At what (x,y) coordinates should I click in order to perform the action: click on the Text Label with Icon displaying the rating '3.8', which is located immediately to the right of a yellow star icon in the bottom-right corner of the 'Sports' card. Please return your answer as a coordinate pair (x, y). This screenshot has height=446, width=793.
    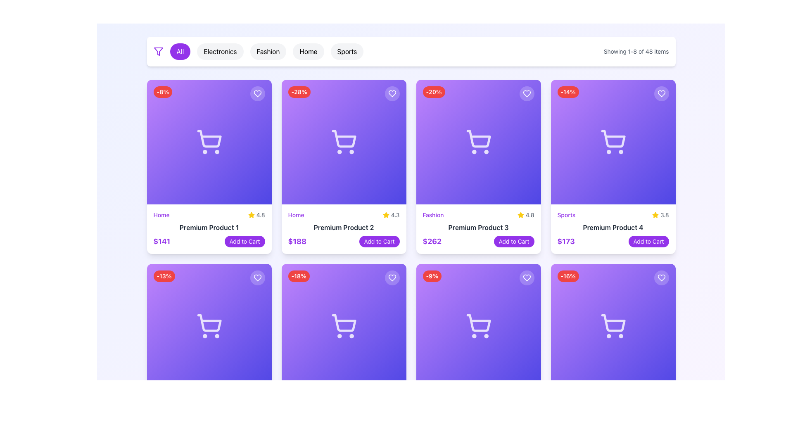
    Looking at the image, I should click on (660, 214).